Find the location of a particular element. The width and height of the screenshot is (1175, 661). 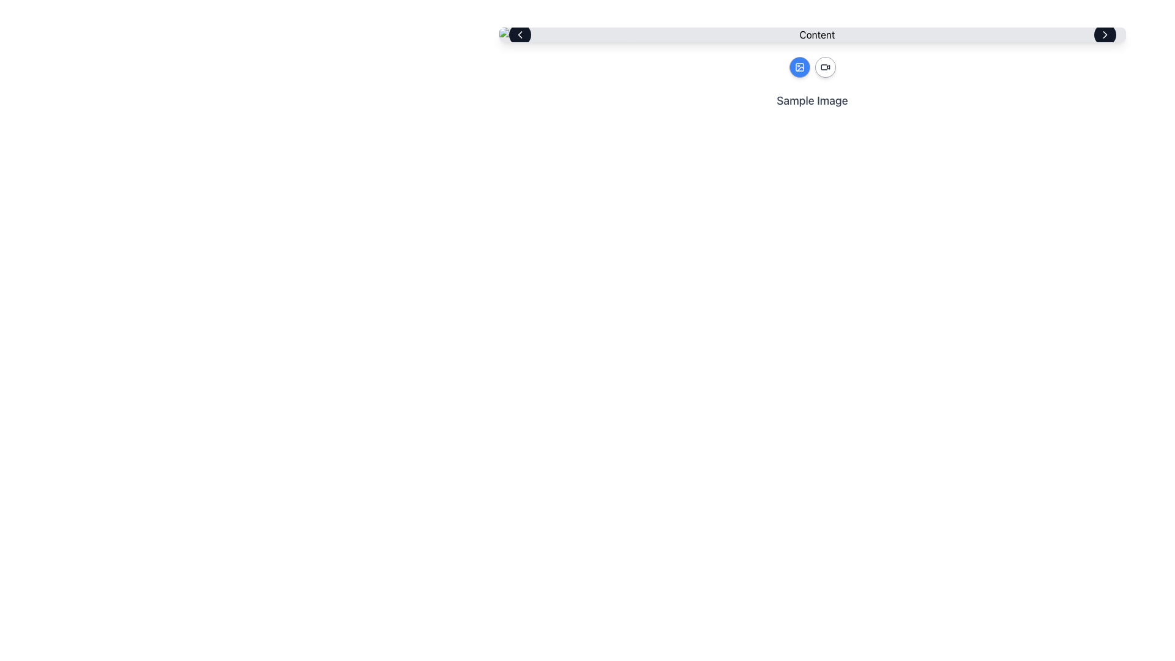

the interactive text label displaying 'Sample Image' in large gray font, located beneath two circular icons is located at coordinates (812, 100).